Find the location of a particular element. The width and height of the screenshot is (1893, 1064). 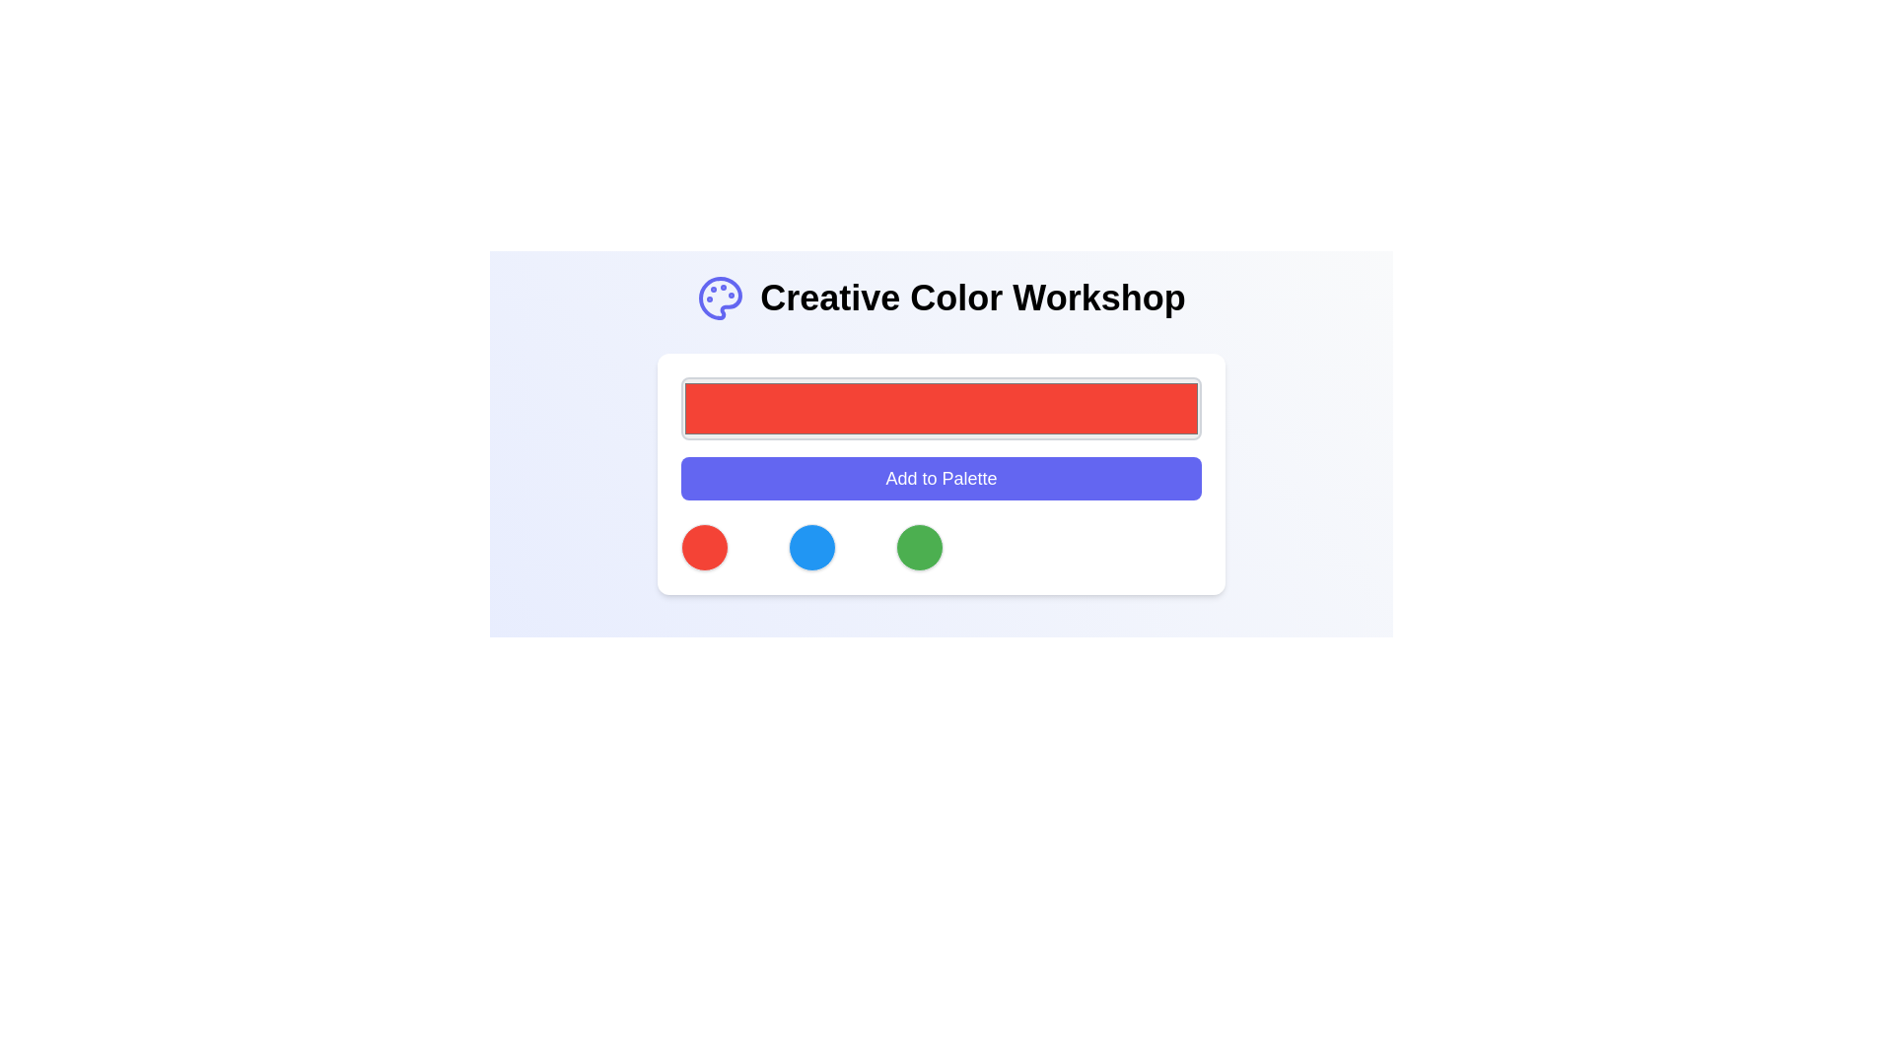

the text label that serves as a title for the artistic or palette creation functionalities, positioned to the right of a purple palette icon is located at coordinates (973, 299).